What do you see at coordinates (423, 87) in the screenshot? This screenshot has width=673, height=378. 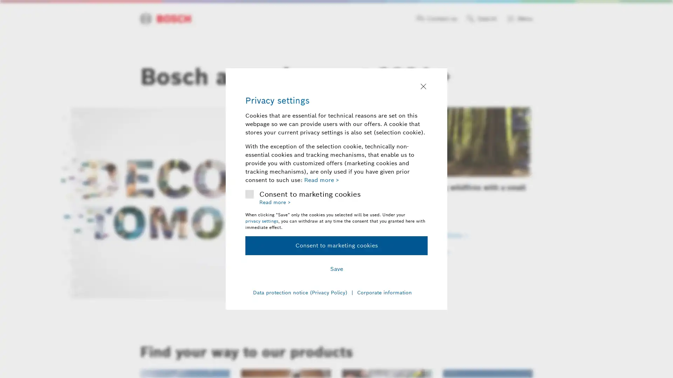 I see `Close` at bounding box center [423, 87].